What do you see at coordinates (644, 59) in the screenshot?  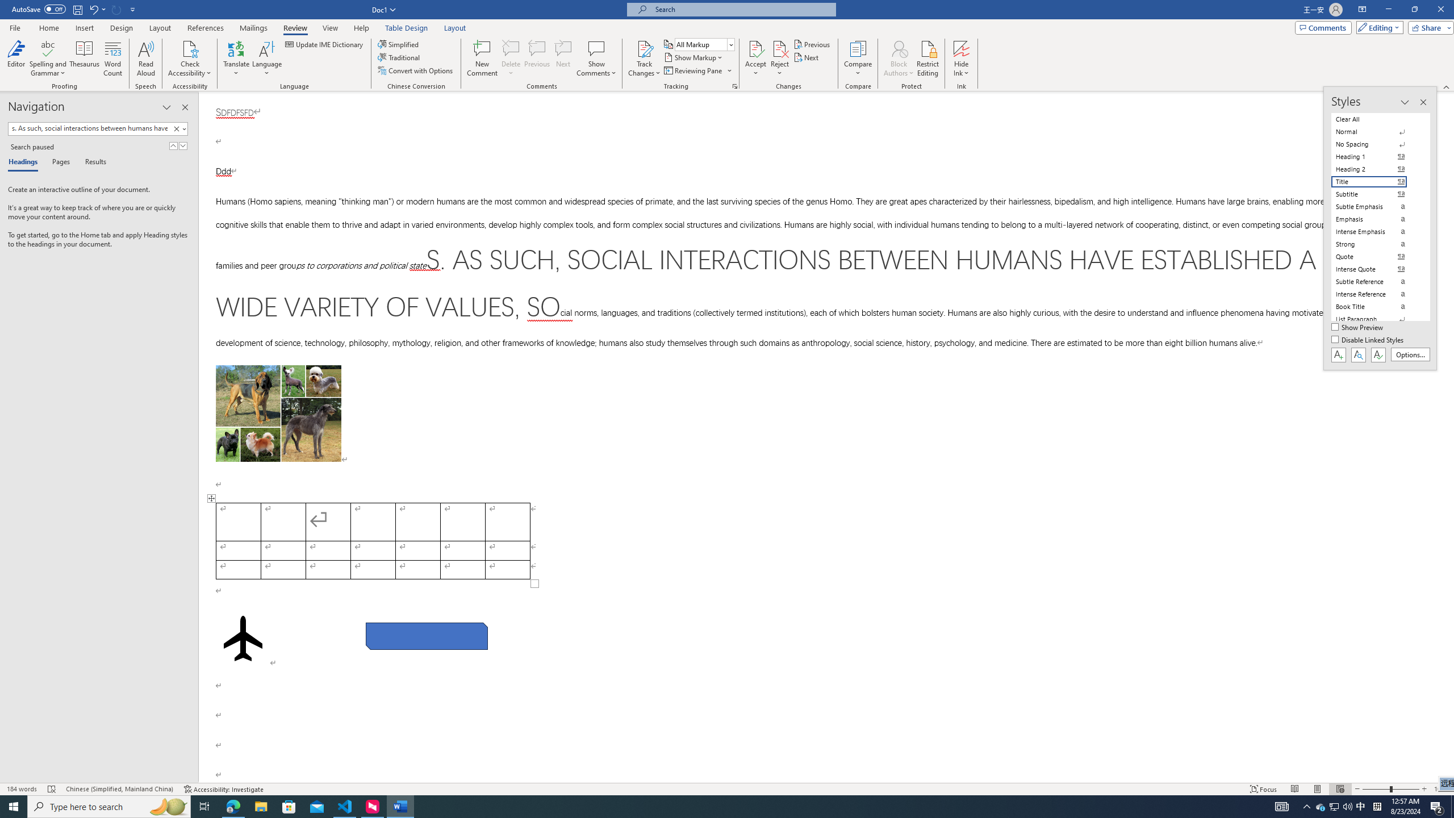 I see `'Track Changes'` at bounding box center [644, 59].